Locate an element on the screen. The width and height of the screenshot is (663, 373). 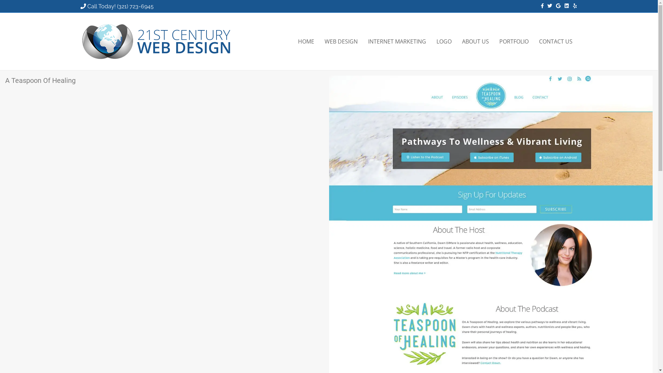
'PORTFOLIO' is located at coordinates (493, 41).